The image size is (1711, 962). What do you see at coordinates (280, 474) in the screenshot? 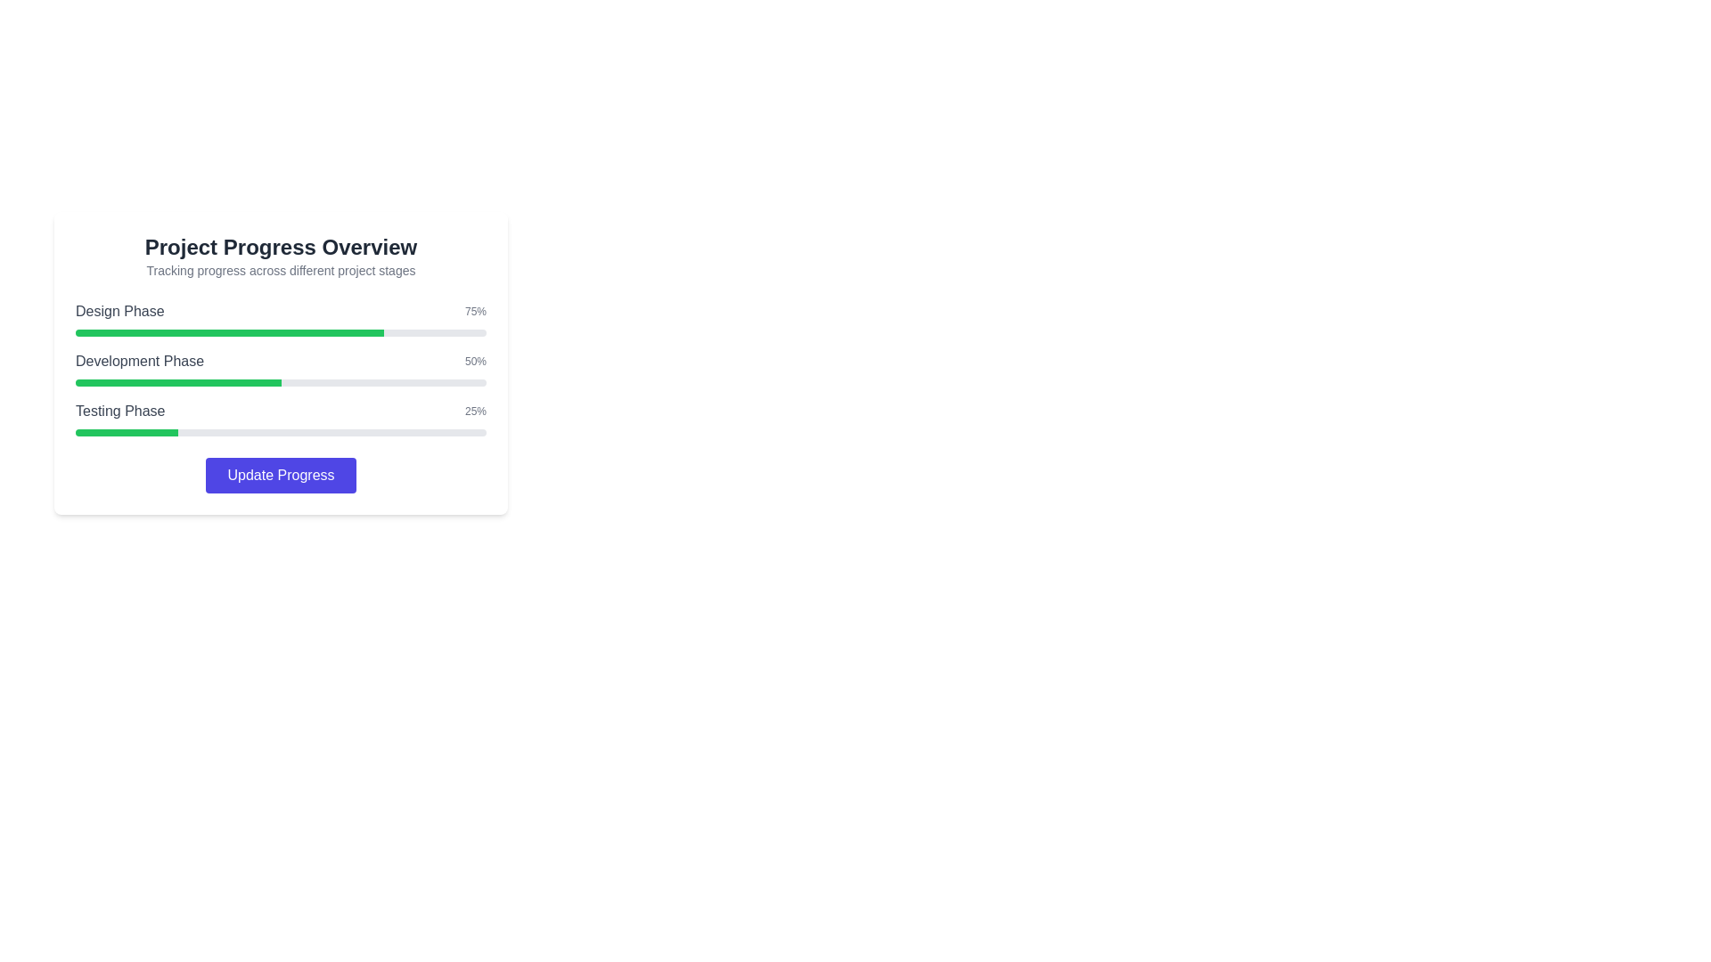
I see `the button located at the bottom center of the 'Project Progress Overview' card to update the progress of the project phases` at bounding box center [280, 474].